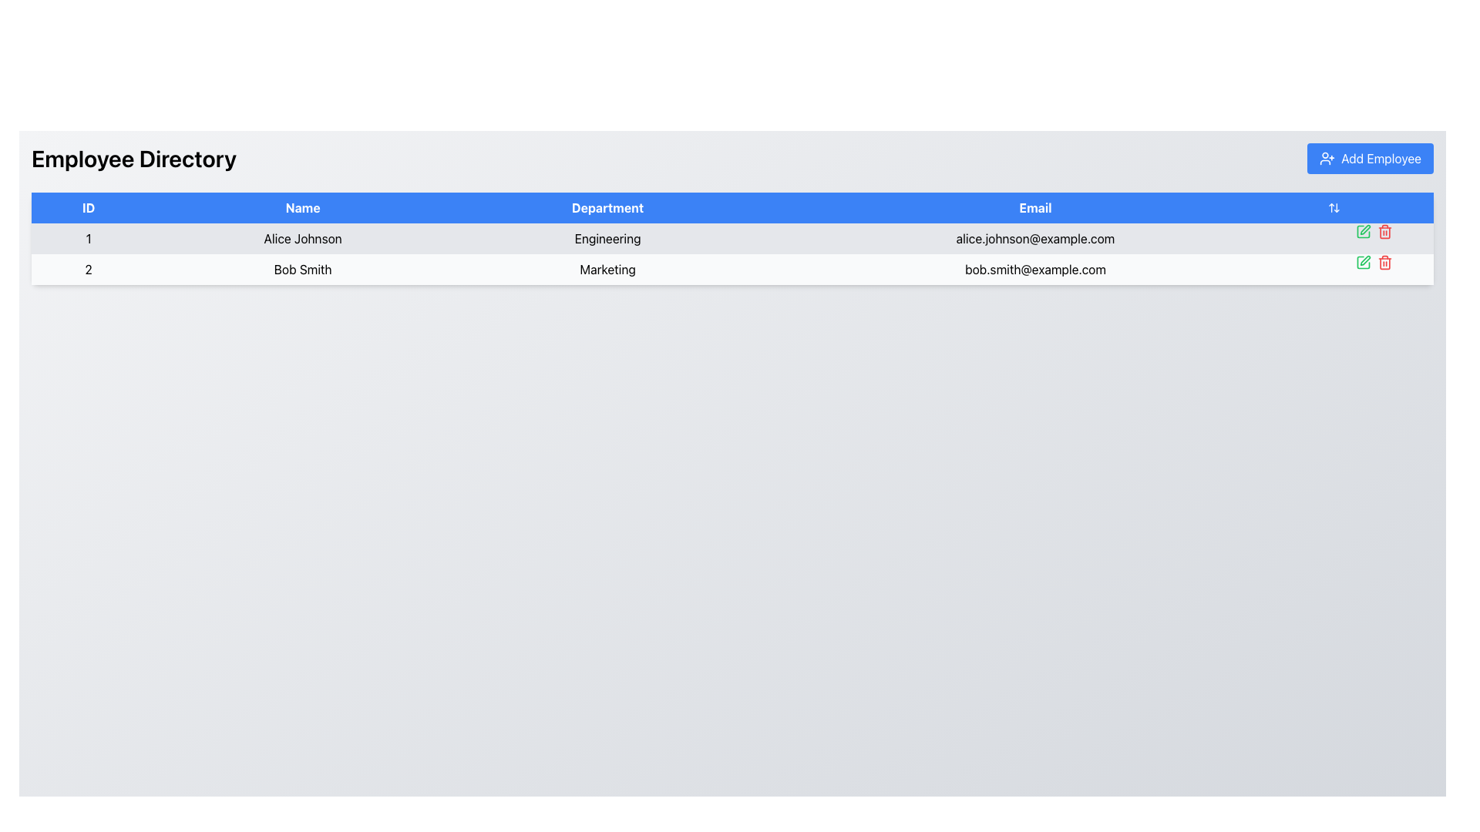 This screenshot has width=1480, height=832. What do you see at coordinates (88, 208) in the screenshot?
I see `the text label with a blue background and white text displaying 'ID', located in the top-left corner of the table header row` at bounding box center [88, 208].